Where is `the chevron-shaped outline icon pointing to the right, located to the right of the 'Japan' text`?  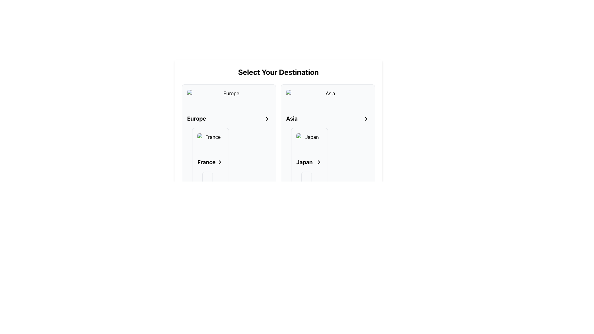
the chevron-shaped outline icon pointing to the right, located to the right of the 'Japan' text is located at coordinates (319, 162).